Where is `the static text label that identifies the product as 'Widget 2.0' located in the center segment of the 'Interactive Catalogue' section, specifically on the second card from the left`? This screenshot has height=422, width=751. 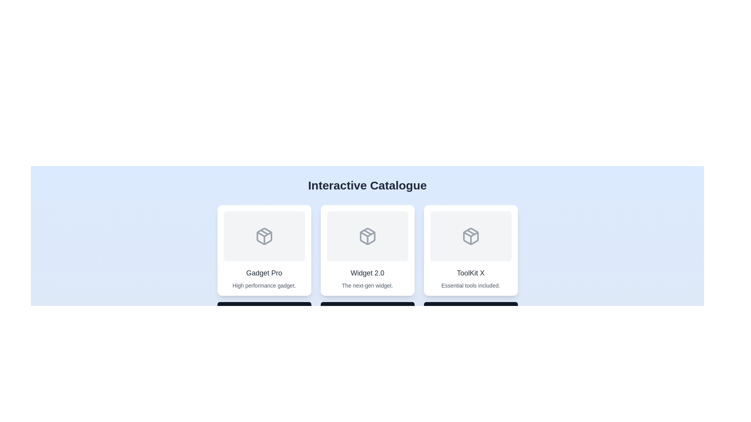
the static text label that identifies the product as 'Widget 2.0' located in the center segment of the 'Interactive Catalogue' section, specifically on the second card from the left is located at coordinates (367, 272).